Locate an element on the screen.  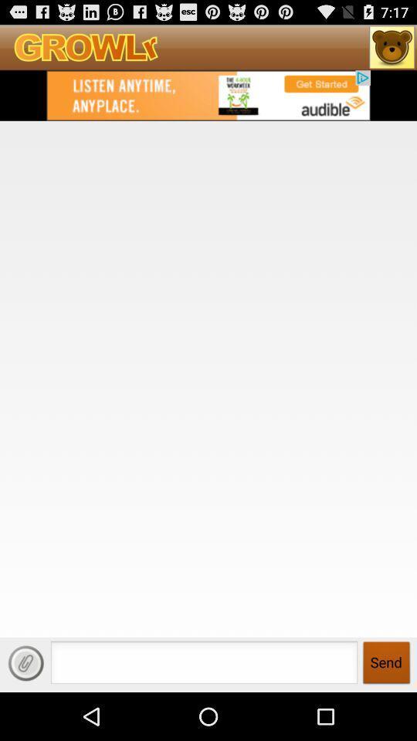
attach item is located at coordinates (25, 662).